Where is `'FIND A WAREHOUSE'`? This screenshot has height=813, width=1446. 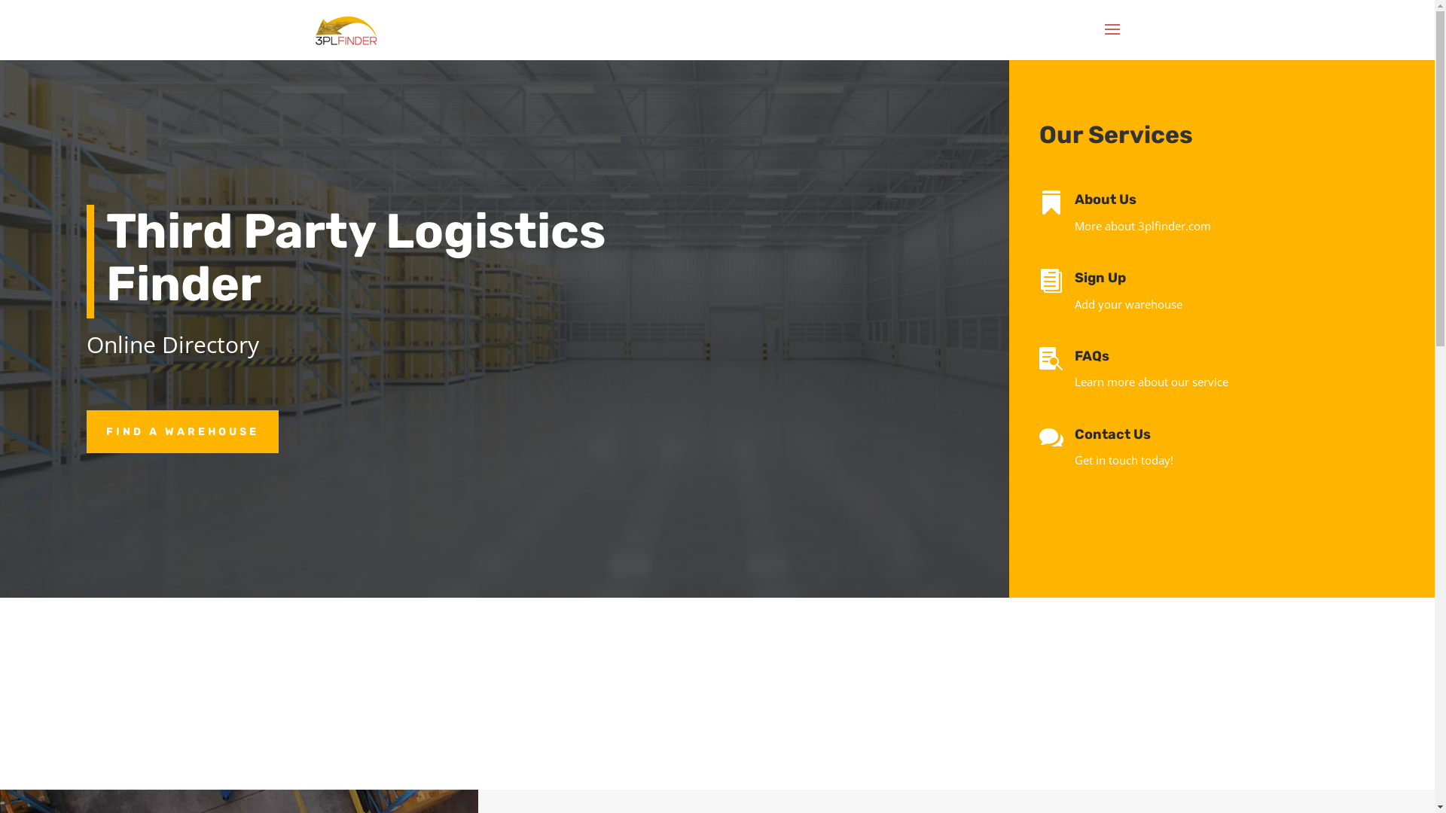
'FIND A WAREHOUSE' is located at coordinates (182, 431).